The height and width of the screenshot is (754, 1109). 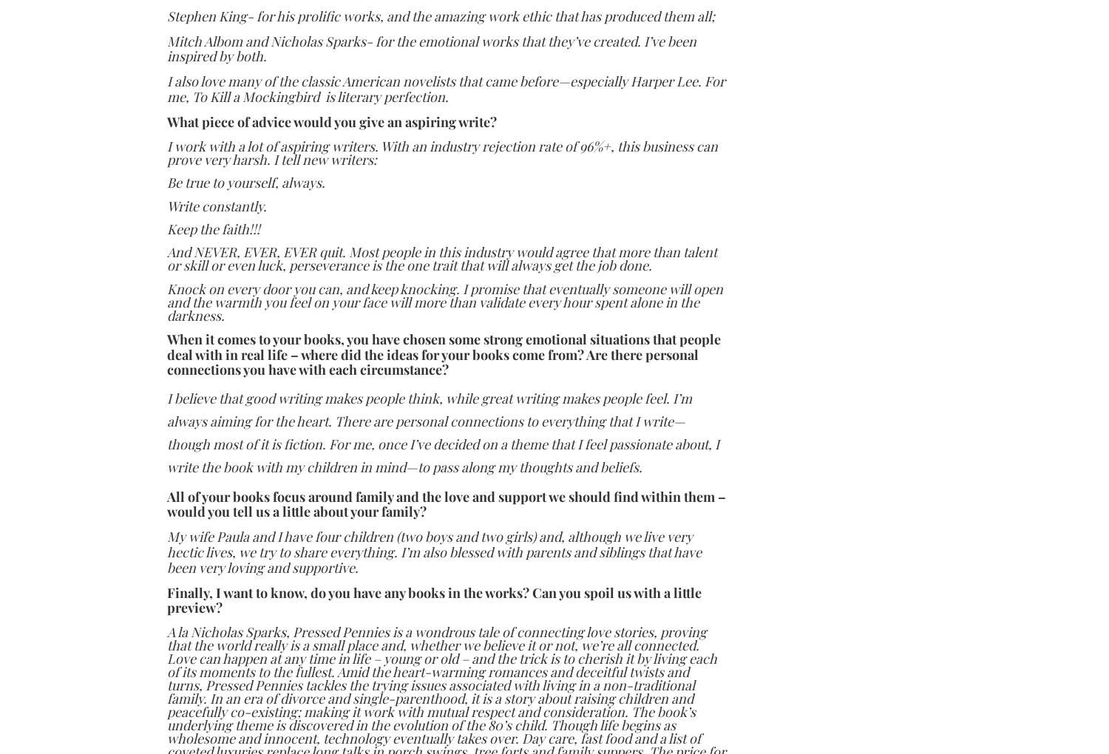 I want to click on 'When it comes to your books, you have chosen some strong emotional situations that people deal with in real life – where did the ideas for your books come from? Are there personal connections you have with each circumstance?', so click(x=442, y=353).